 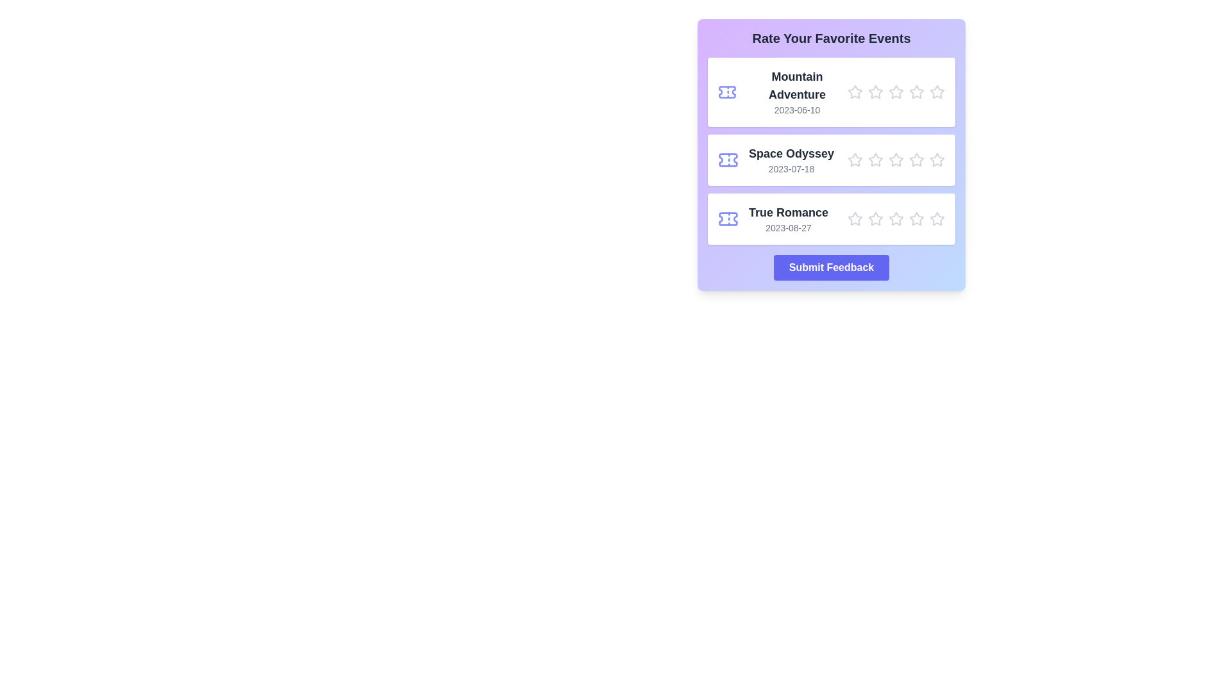 What do you see at coordinates (937, 91) in the screenshot?
I see `the star corresponding to the rating 5 for the movie Mountain Adventure` at bounding box center [937, 91].